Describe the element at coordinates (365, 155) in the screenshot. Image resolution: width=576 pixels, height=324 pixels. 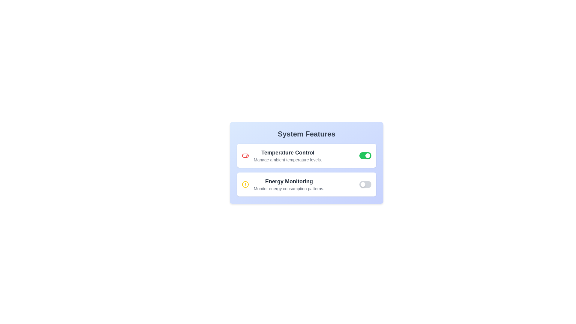
I see `the toggle button to change the active state of the feature` at that location.